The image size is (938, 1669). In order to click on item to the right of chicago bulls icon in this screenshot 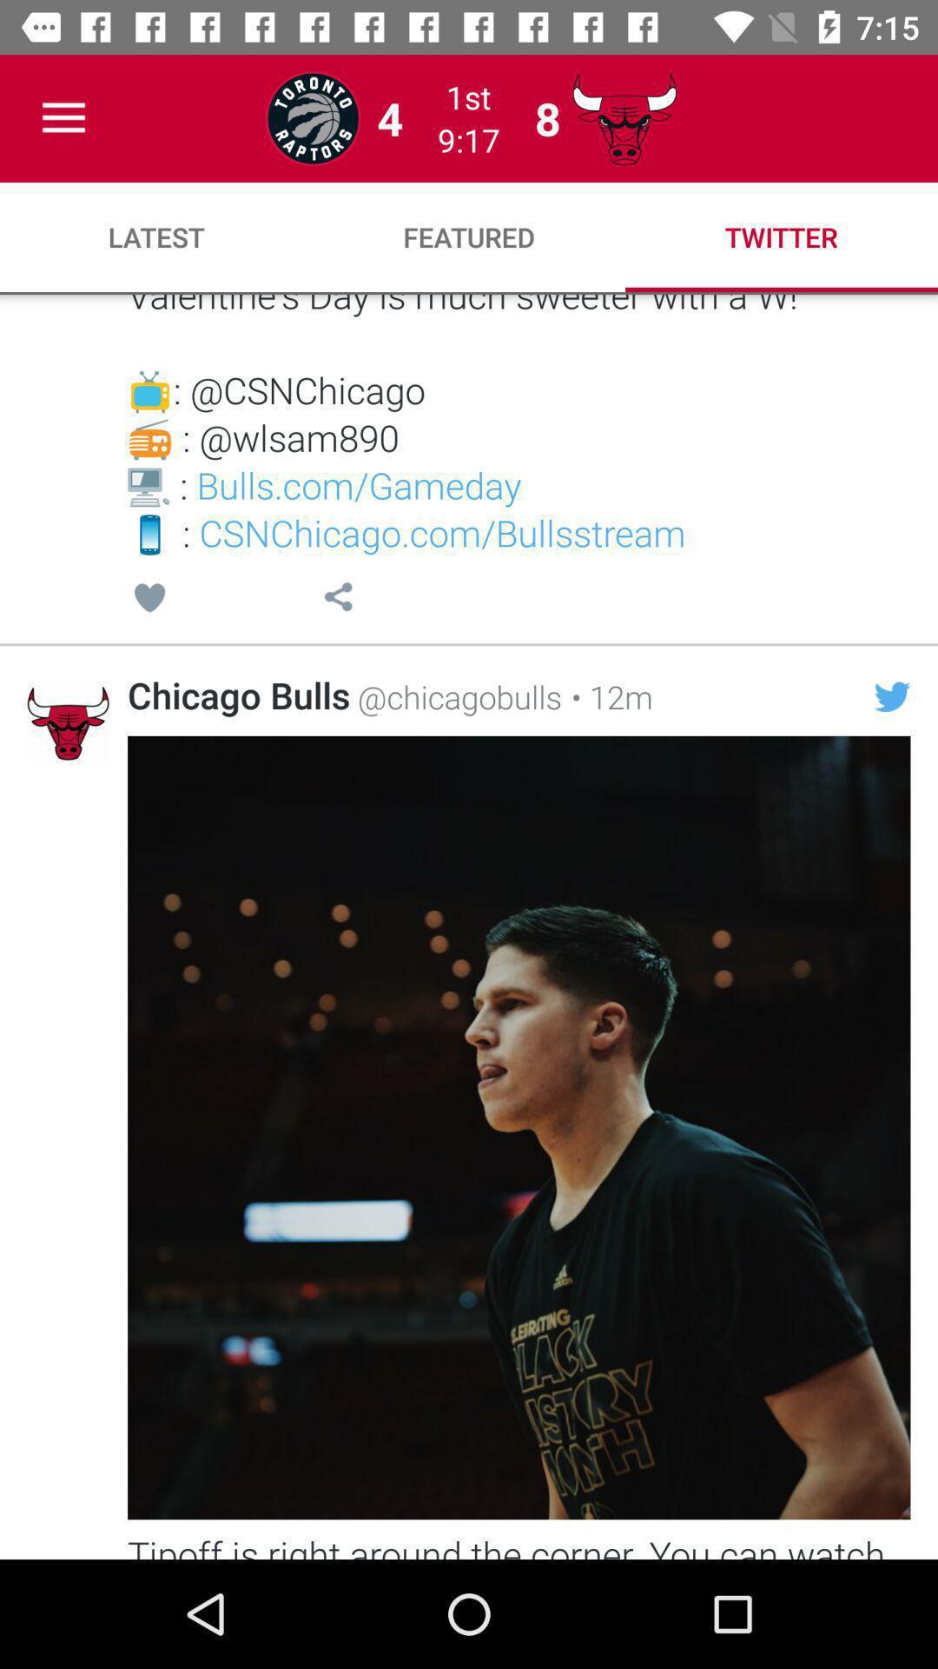, I will do `click(455, 696)`.